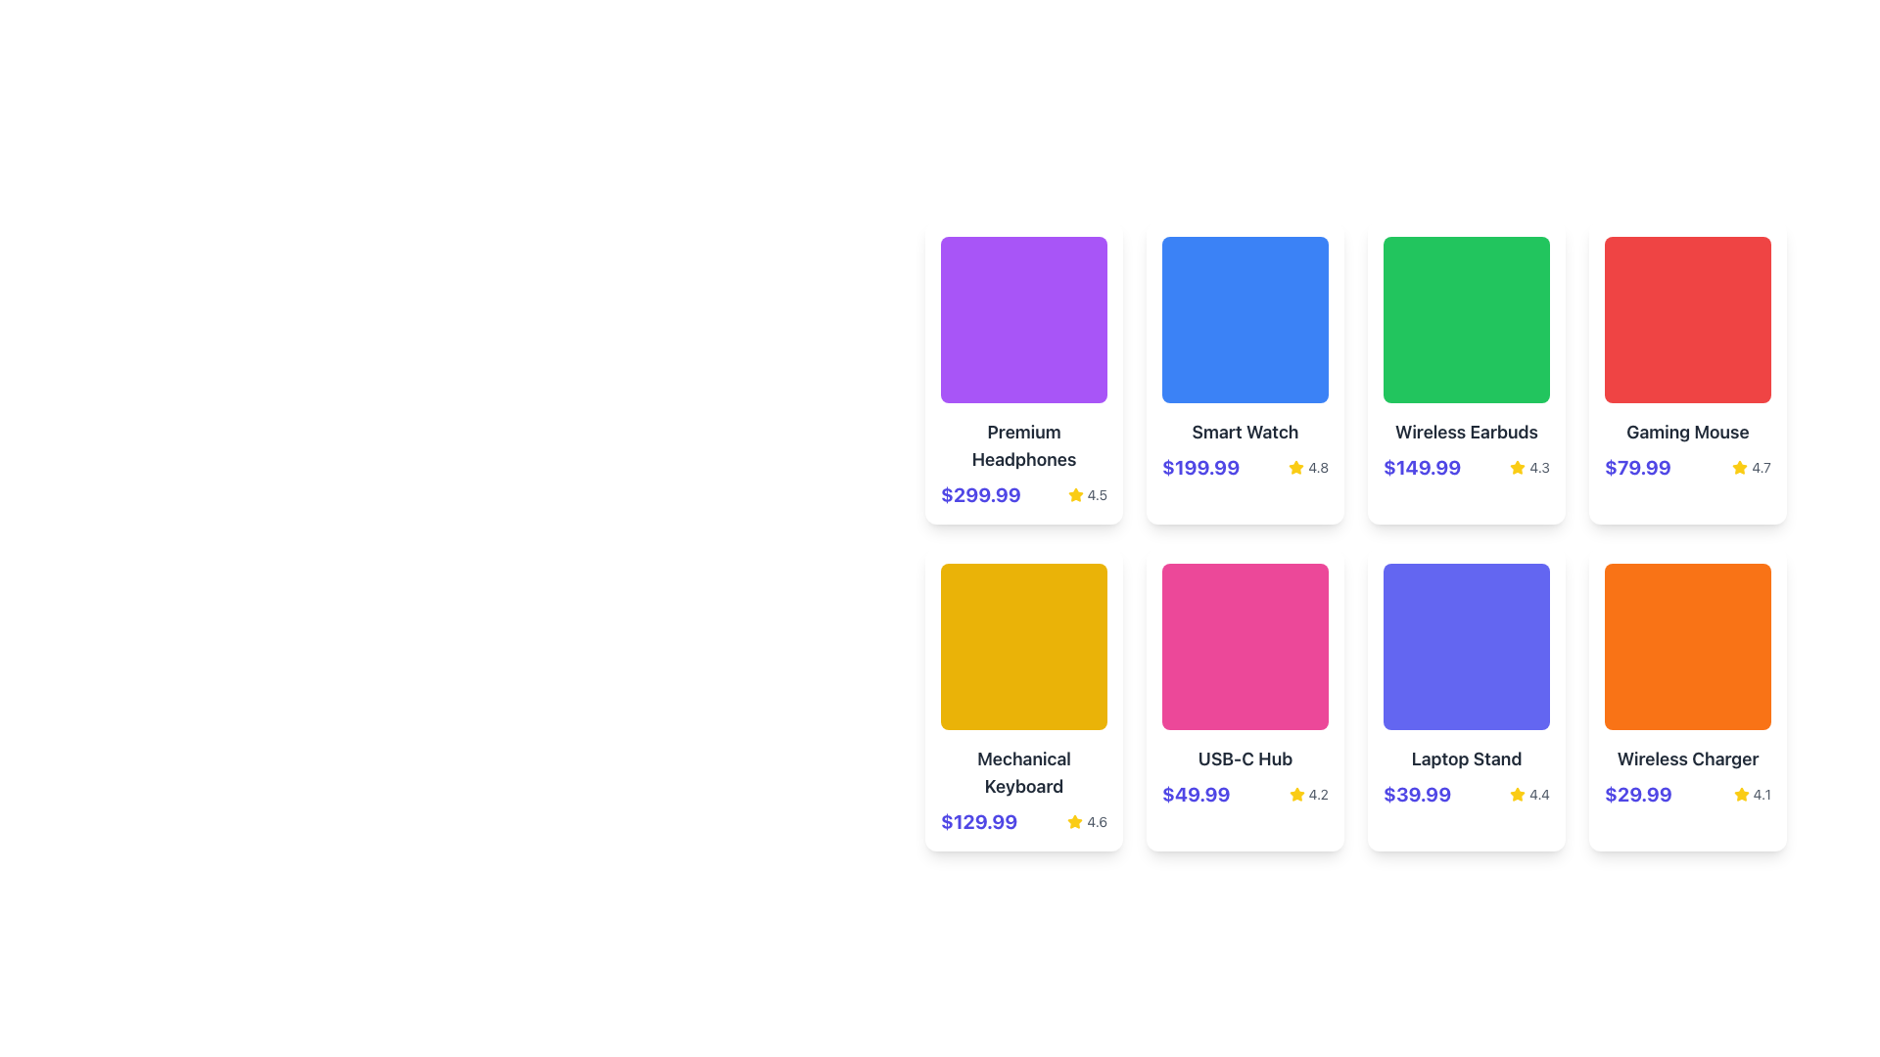 This screenshot has height=1057, width=1880. Describe the element at coordinates (1517, 468) in the screenshot. I see `the star icon representing a visual rating feature, which indicates user feedback or item quality, located in the second row and third column of the grid layout` at that location.